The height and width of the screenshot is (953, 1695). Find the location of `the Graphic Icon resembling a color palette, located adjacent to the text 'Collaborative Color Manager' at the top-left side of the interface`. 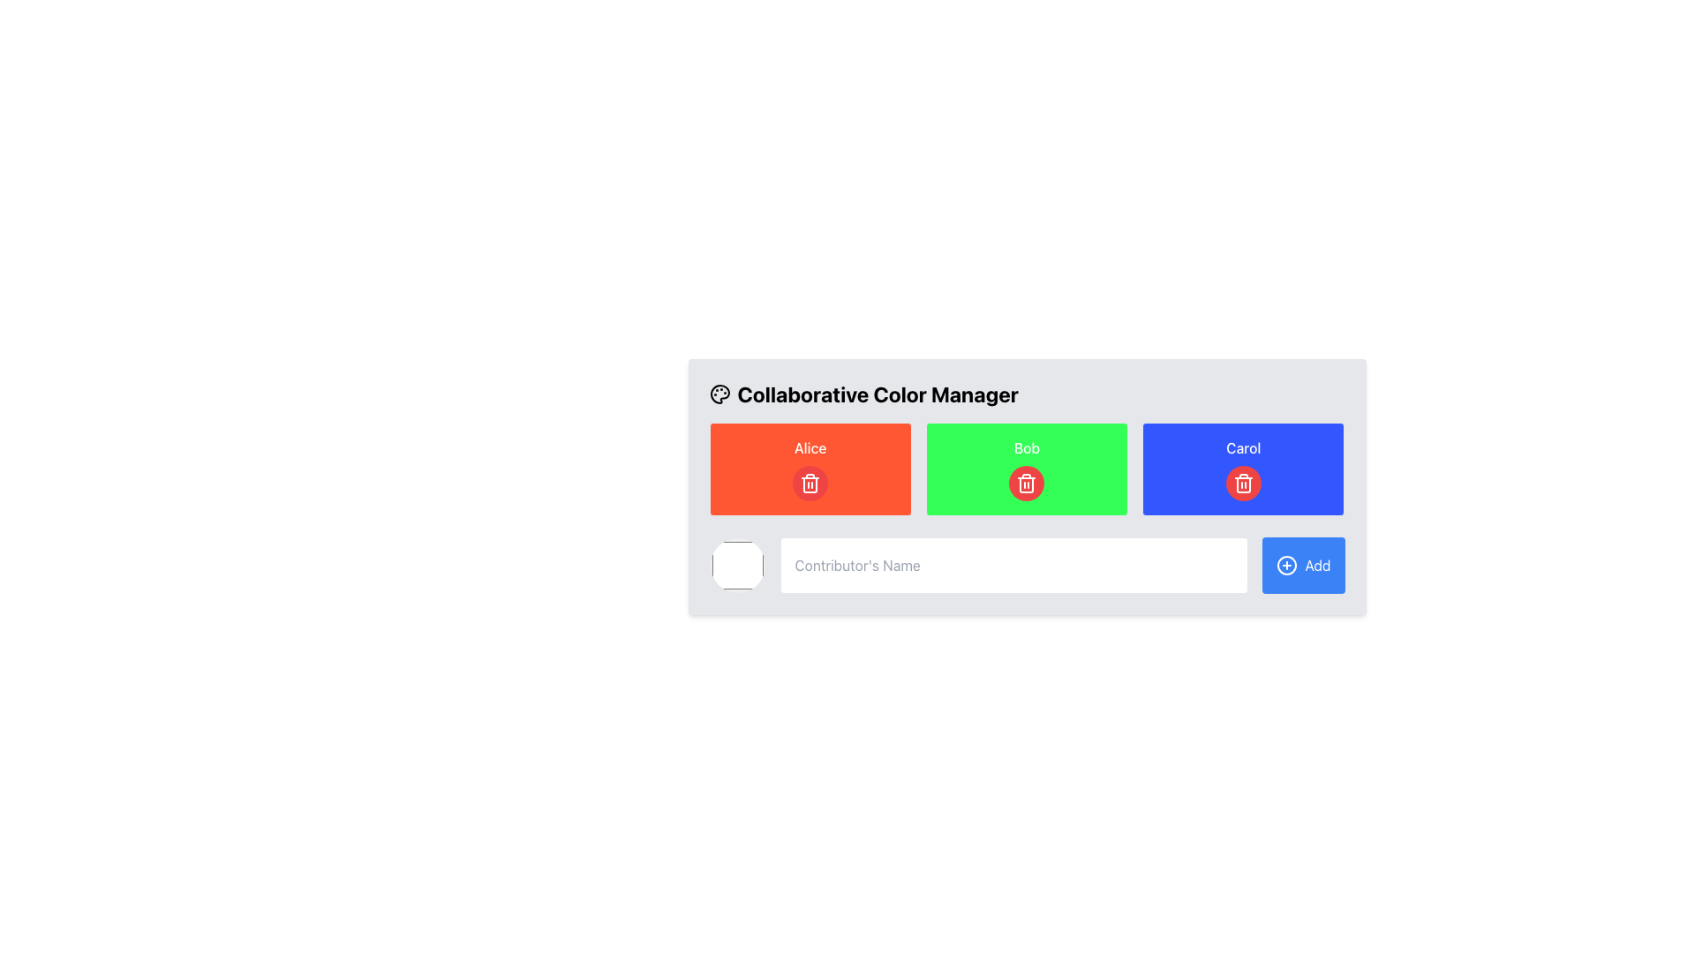

the Graphic Icon resembling a color palette, located adjacent to the text 'Collaborative Color Manager' at the top-left side of the interface is located at coordinates (719, 394).